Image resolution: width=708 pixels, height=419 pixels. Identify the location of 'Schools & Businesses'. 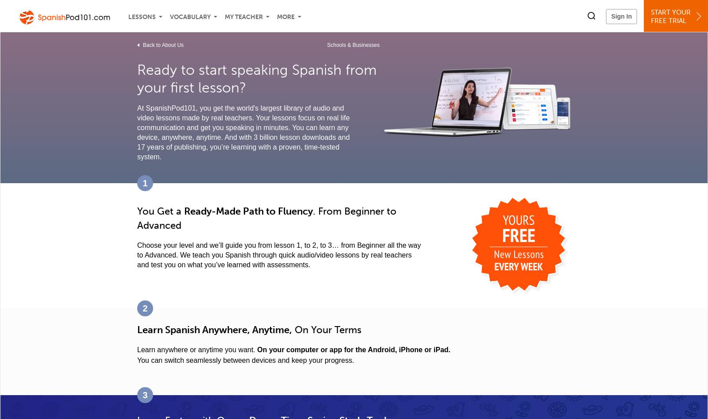
(327, 44).